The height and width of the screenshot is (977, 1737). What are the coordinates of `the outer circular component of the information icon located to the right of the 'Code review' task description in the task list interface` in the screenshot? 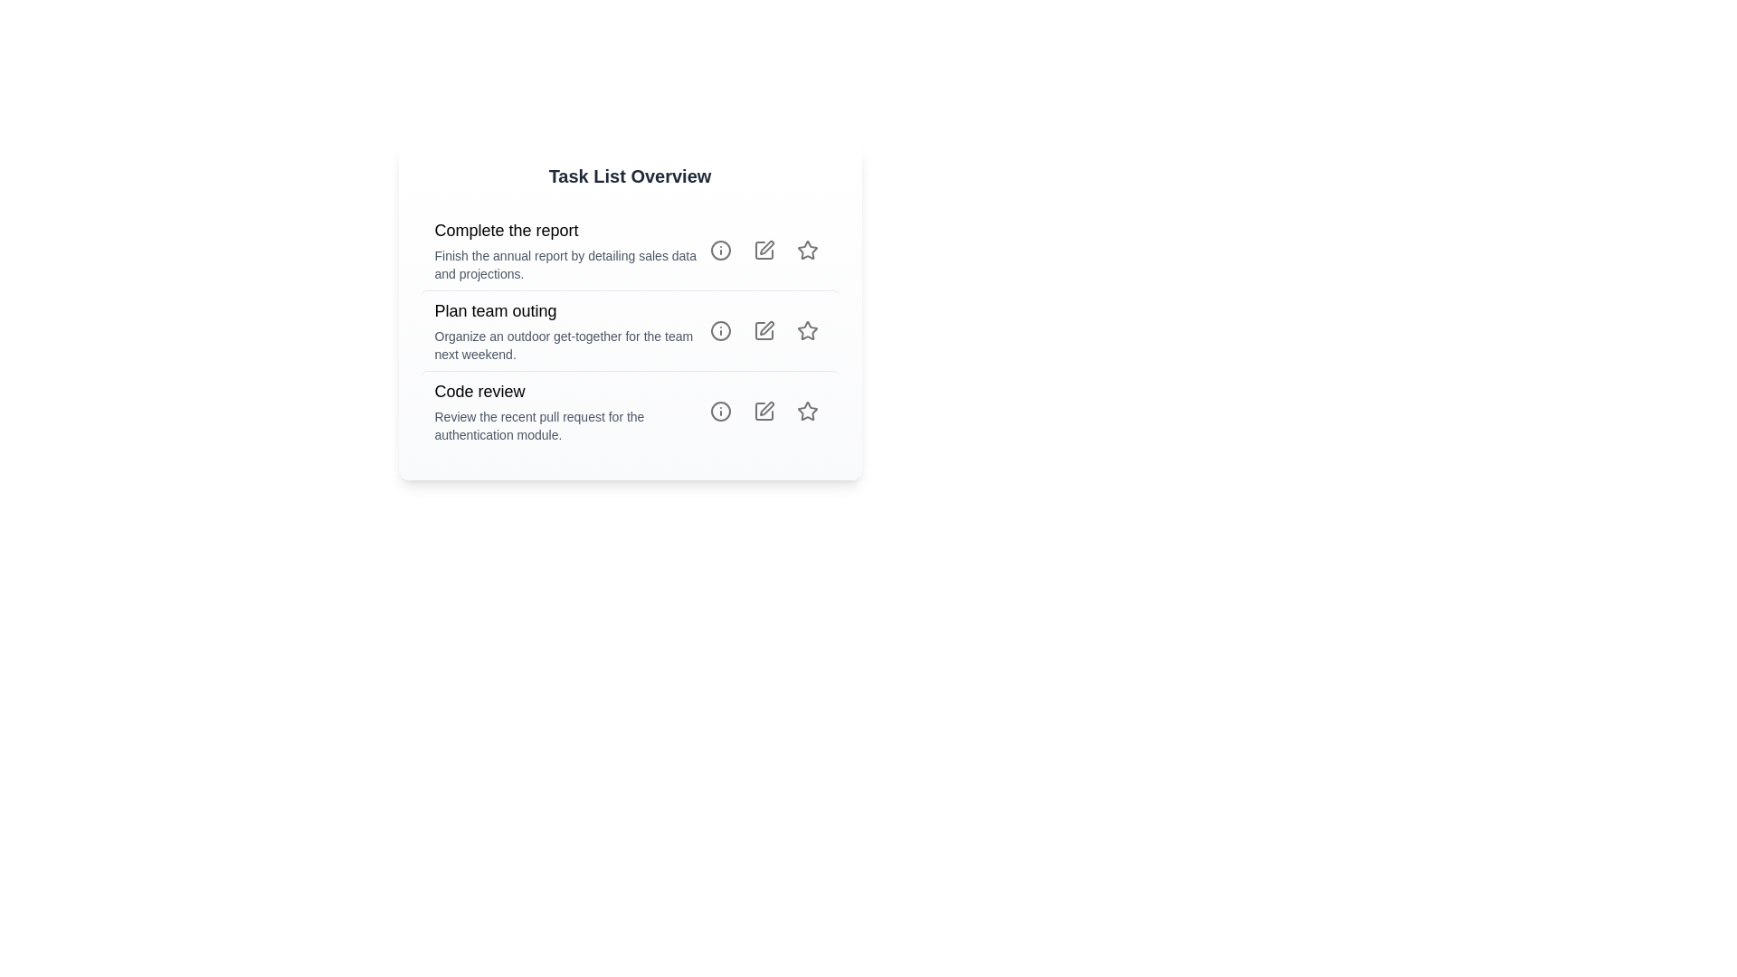 It's located at (719, 412).